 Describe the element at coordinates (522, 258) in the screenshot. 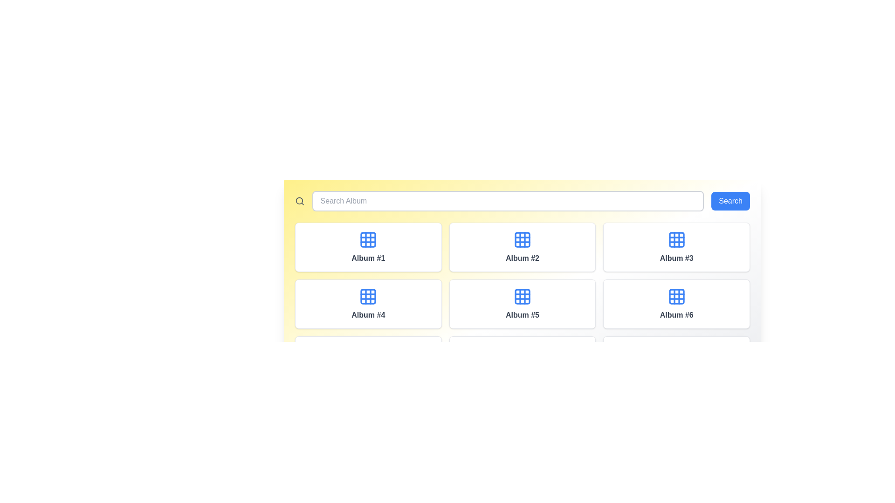

I see `the text label 'Album #2' located` at that location.